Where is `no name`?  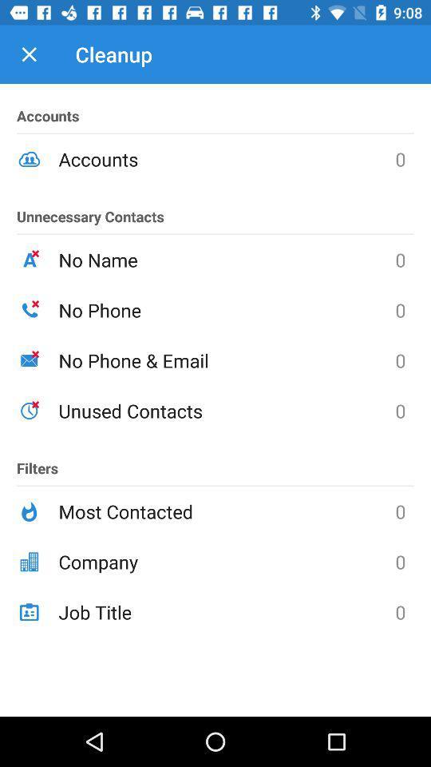
no name is located at coordinates (226, 260).